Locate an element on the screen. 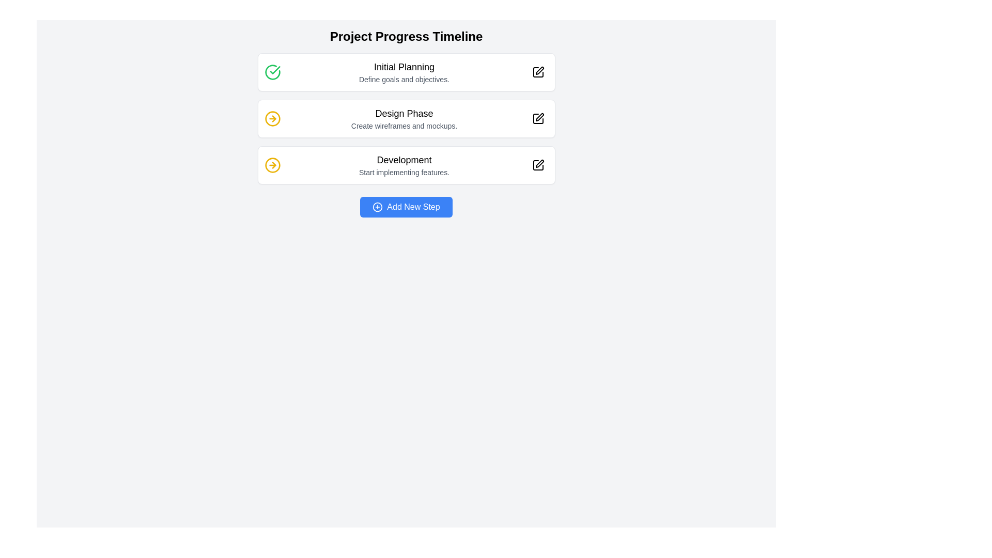  the text element that reads 'Start implementing features.' which is styled in a small-sized, gray-colored font and appears below the bold title 'Development' is located at coordinates (404, 172).